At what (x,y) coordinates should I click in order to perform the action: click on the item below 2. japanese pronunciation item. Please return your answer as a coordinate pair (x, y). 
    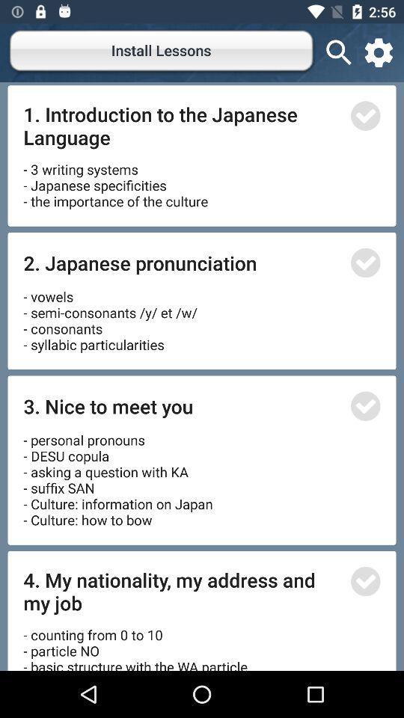
    Looking at the image, I should click on (111, 316).